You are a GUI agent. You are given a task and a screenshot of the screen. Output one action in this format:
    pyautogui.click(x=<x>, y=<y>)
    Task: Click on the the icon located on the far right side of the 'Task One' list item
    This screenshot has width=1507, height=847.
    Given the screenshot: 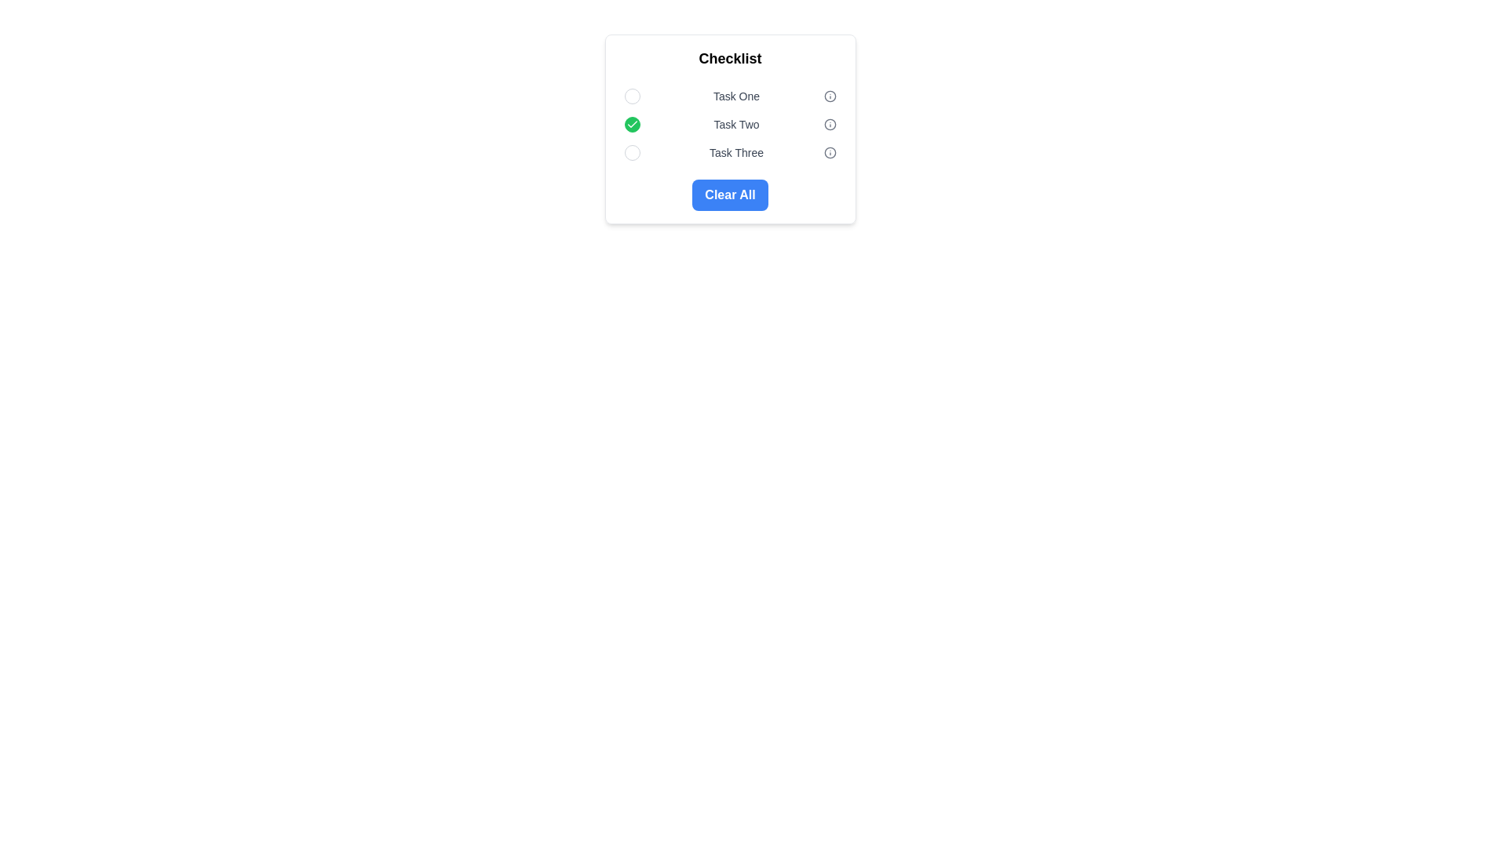 What is the action you would take?
    pyautogui.click(x=829, y=96)
    